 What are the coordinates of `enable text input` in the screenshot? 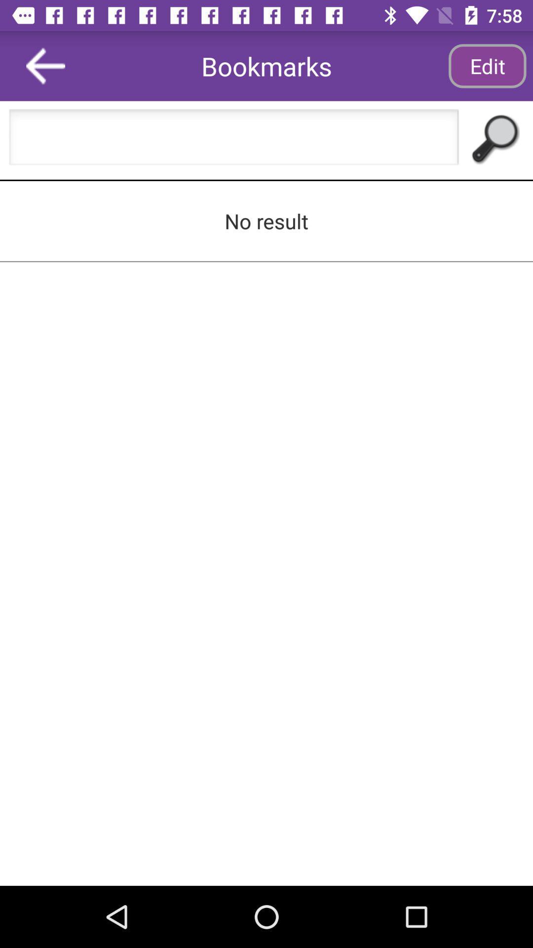 It's located at (234, 140).